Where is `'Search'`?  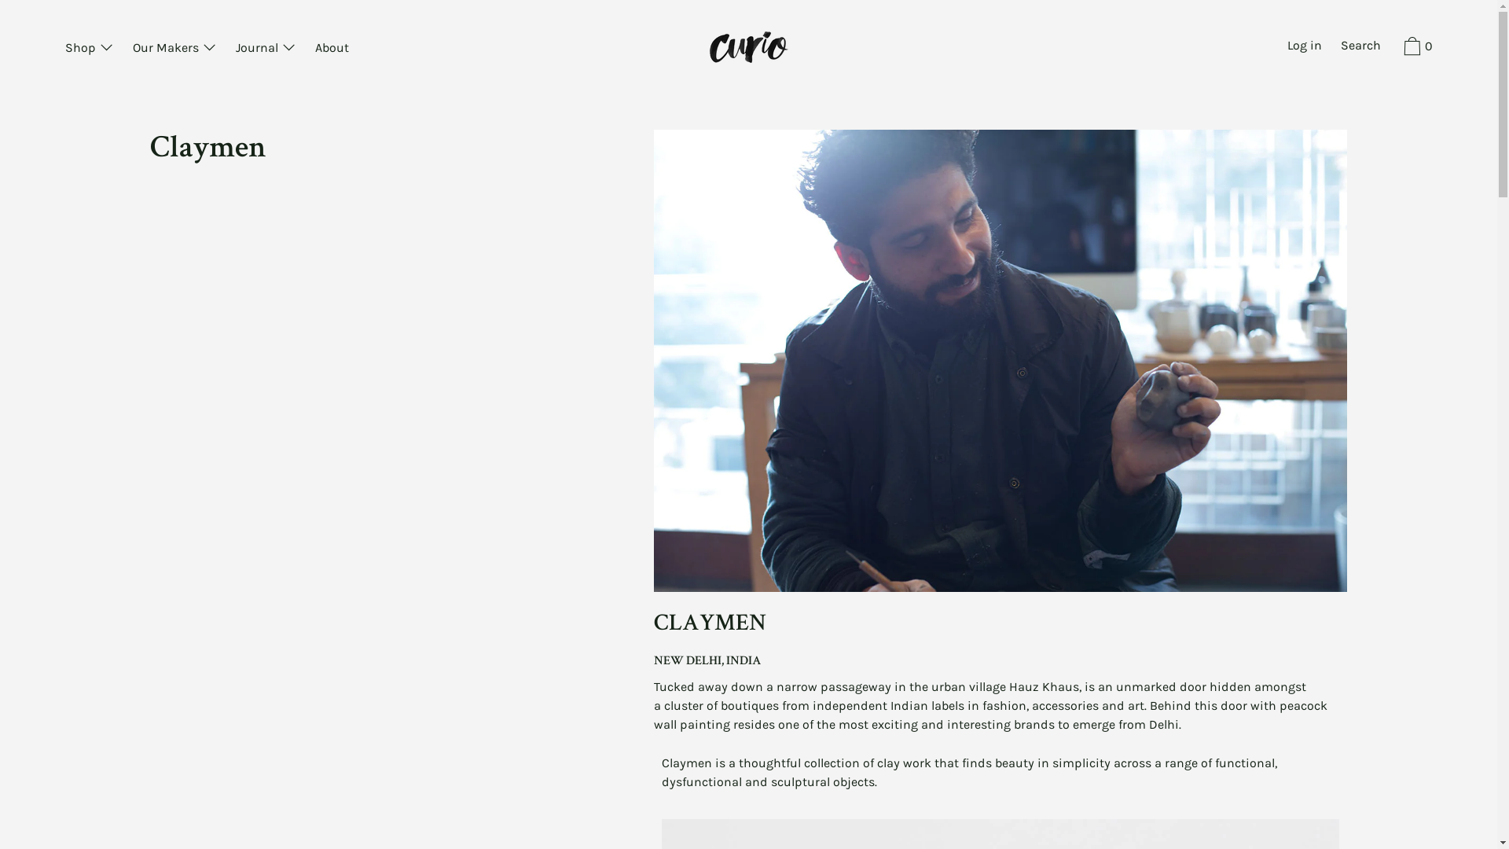
'Search' is located at coordinates (1360, 46).